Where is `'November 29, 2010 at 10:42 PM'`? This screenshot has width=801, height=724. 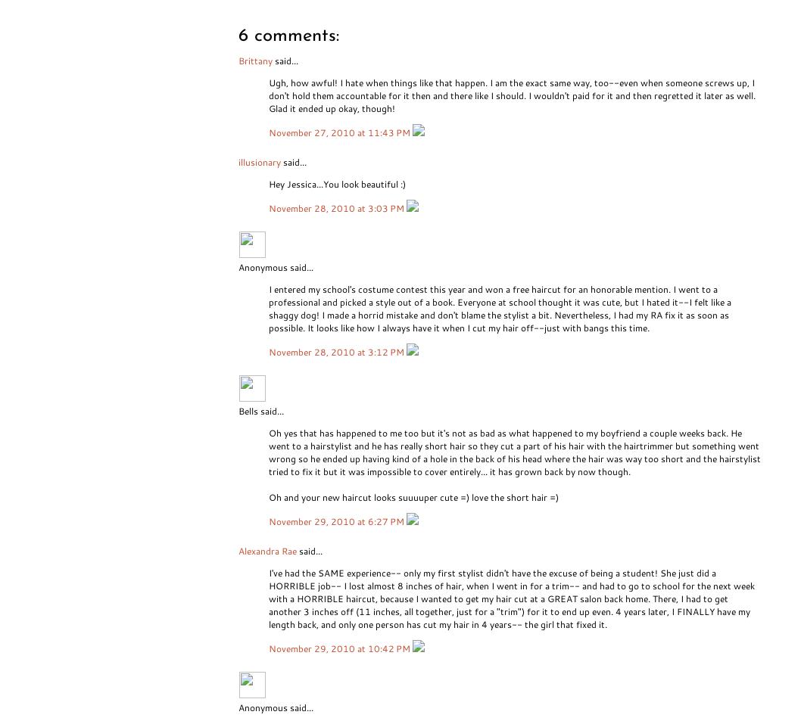
'November 29, 2010 at 10:42 PM' is located at coordinates (339, 647).